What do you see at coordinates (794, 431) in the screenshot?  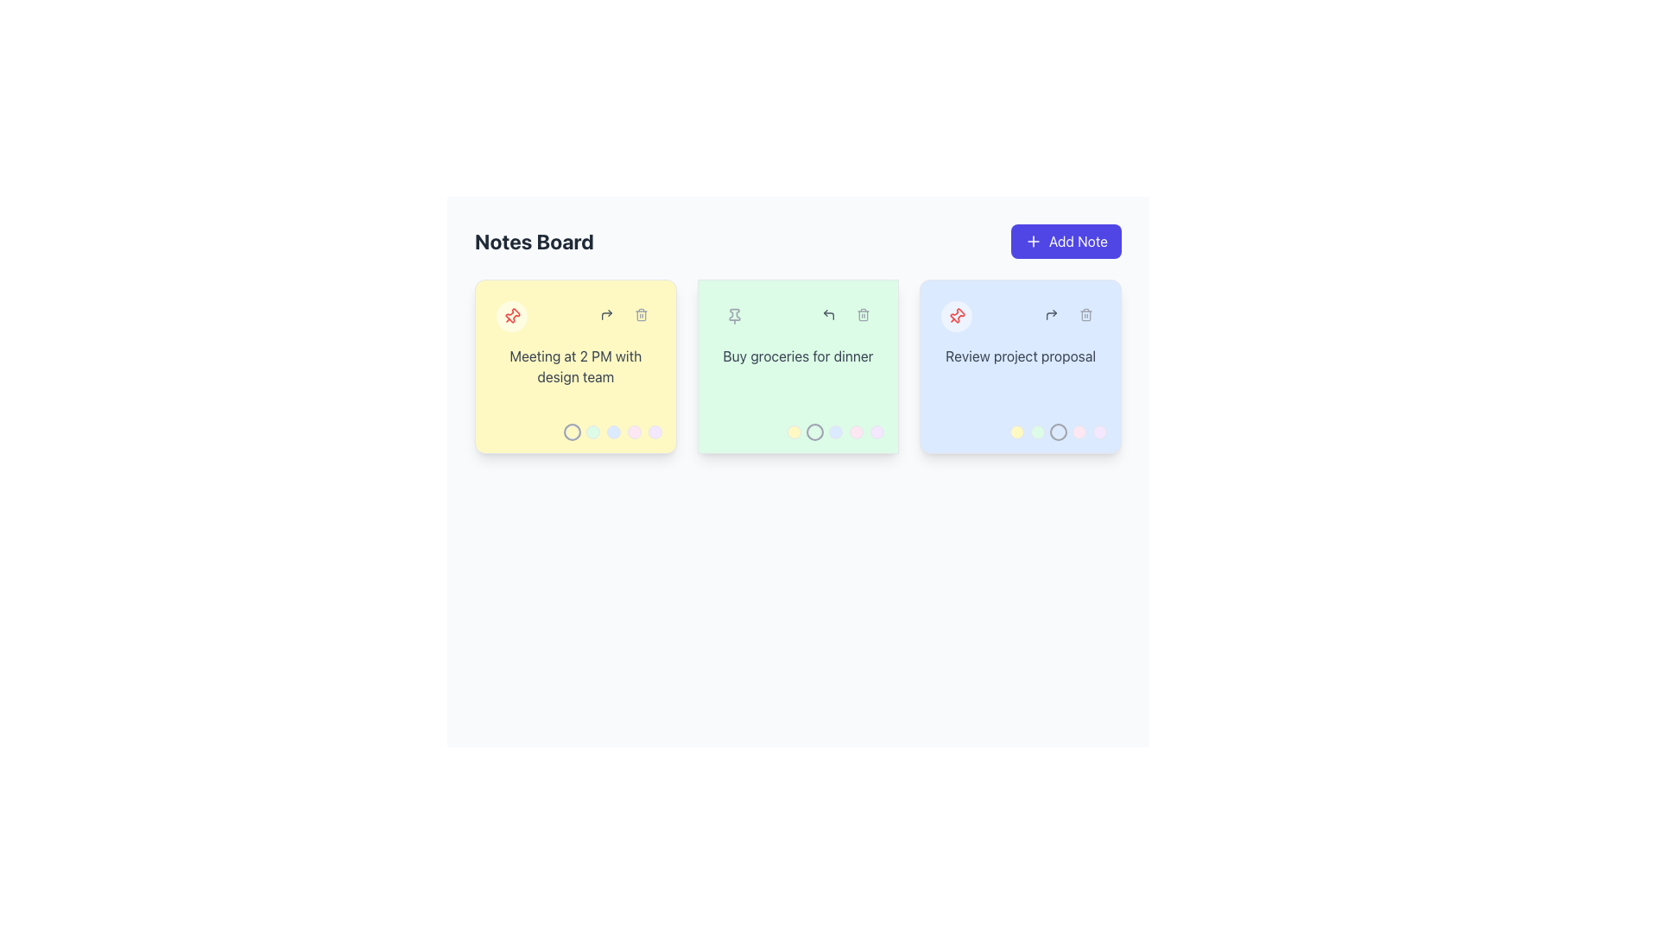 I see `the first color indicator or selection circle located at the lower-right corner of the note titled 'Buy groceries for dinner'` at bounding box center [794, 431].